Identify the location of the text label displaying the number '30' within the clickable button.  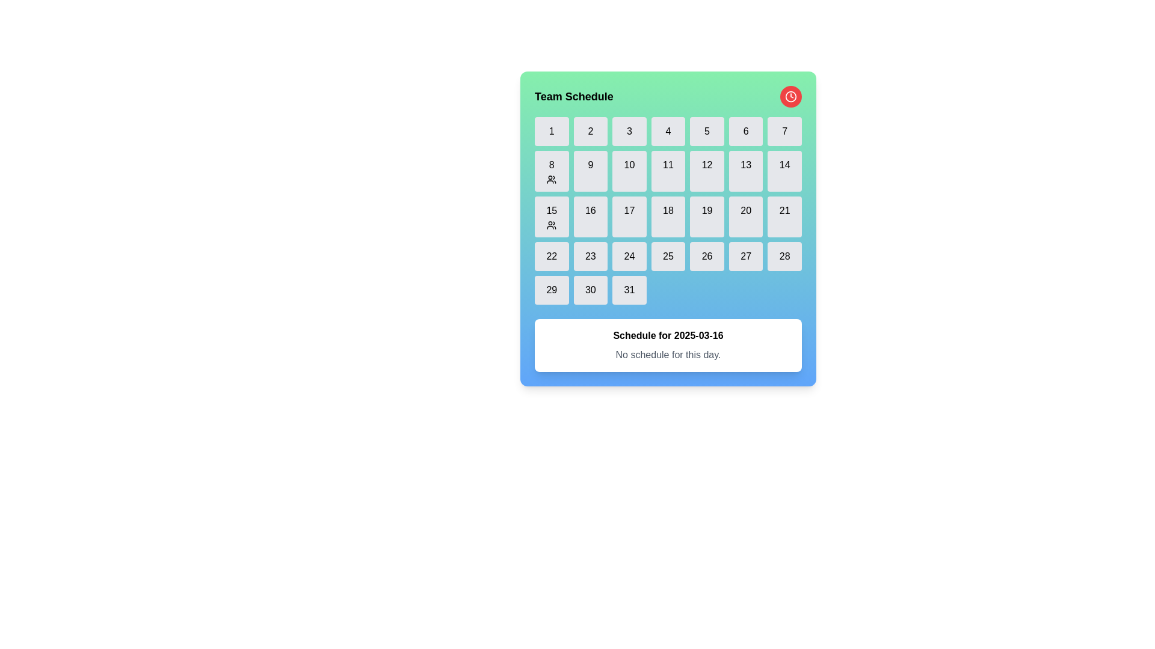
(590, 290).